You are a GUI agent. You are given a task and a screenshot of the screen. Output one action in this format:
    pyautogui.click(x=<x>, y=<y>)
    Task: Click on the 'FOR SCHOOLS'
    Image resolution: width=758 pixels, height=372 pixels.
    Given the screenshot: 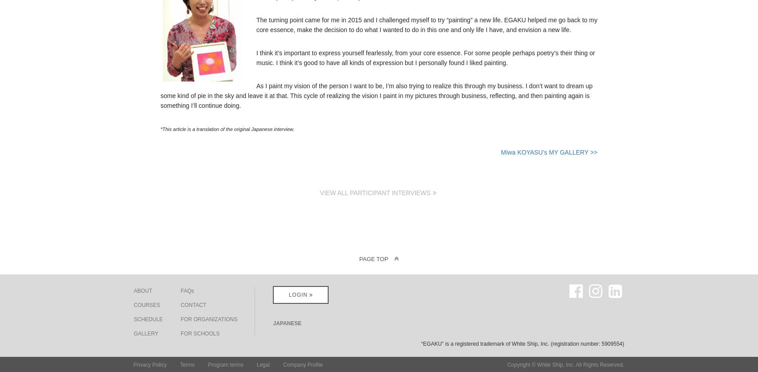 What is the action you would take?
    pyautogui.click(x=200, y=333)
    